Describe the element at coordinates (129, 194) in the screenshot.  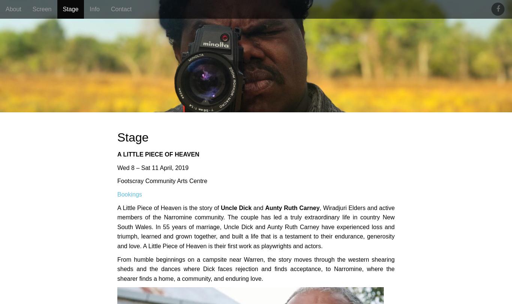
I see `'Bookings'` at that location.